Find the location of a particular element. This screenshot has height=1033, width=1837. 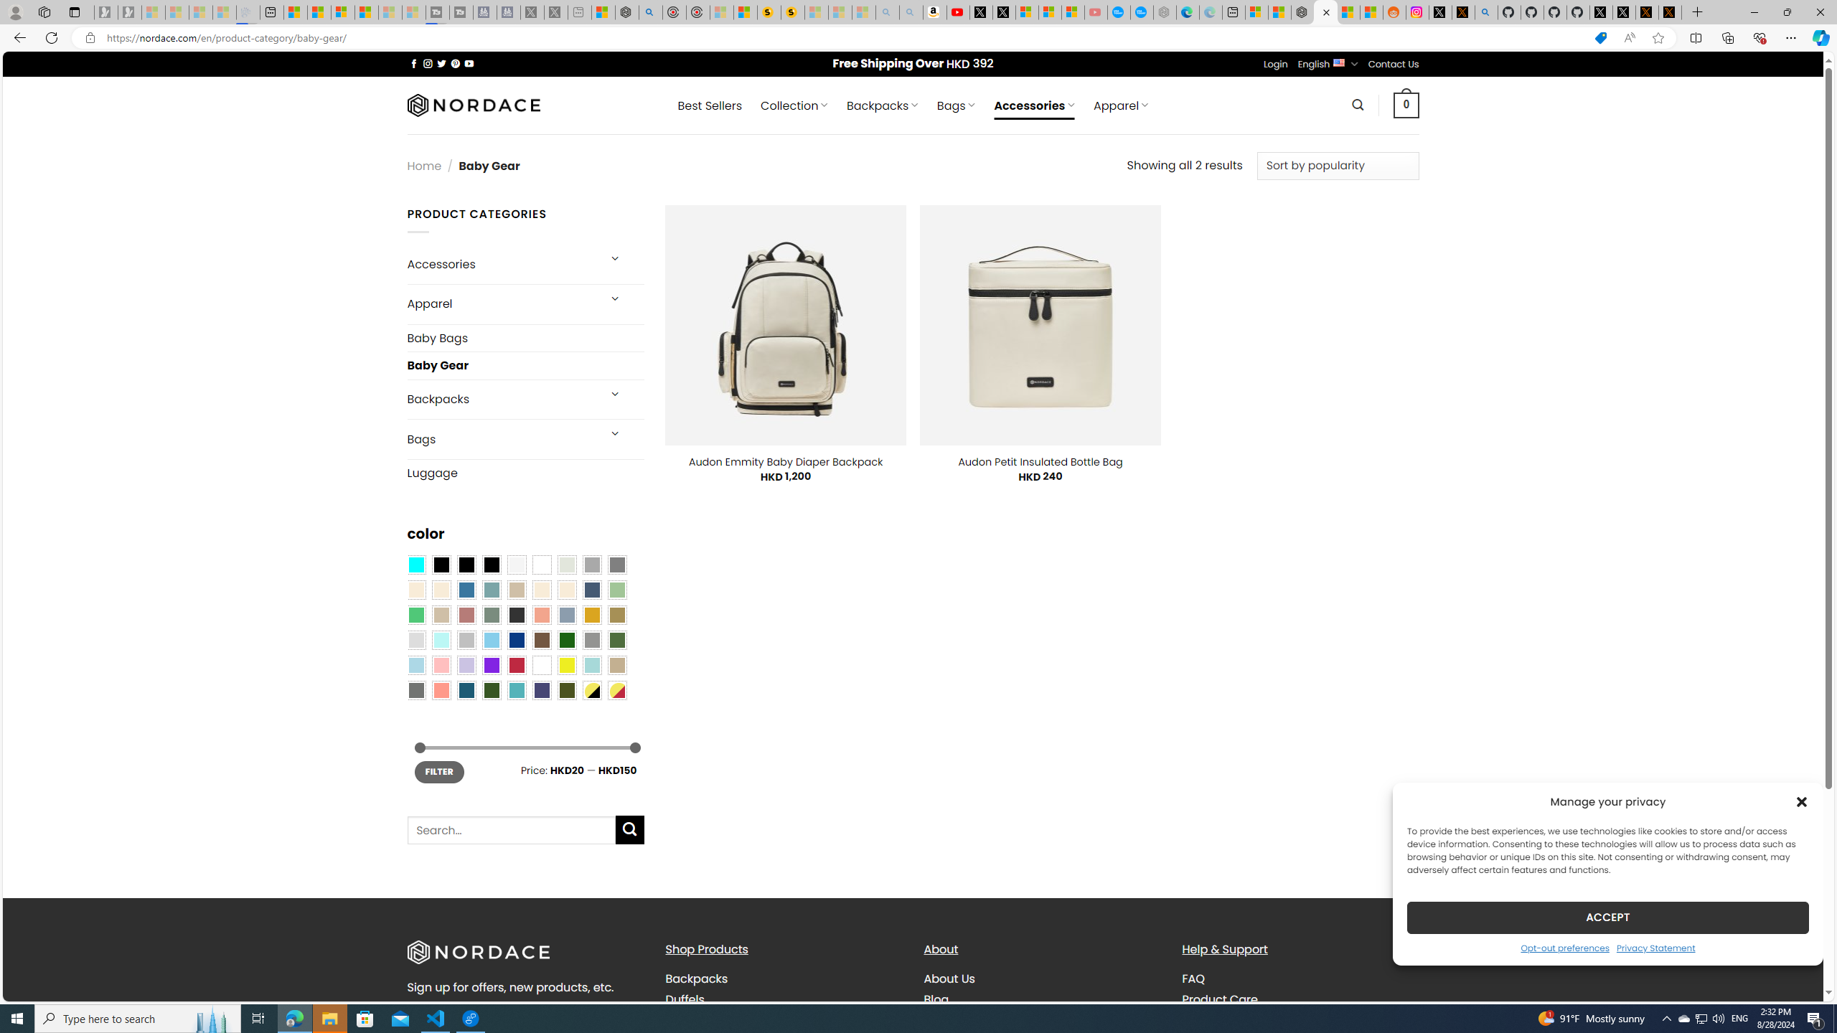

'Gold' is located at coordinates (591, 615).